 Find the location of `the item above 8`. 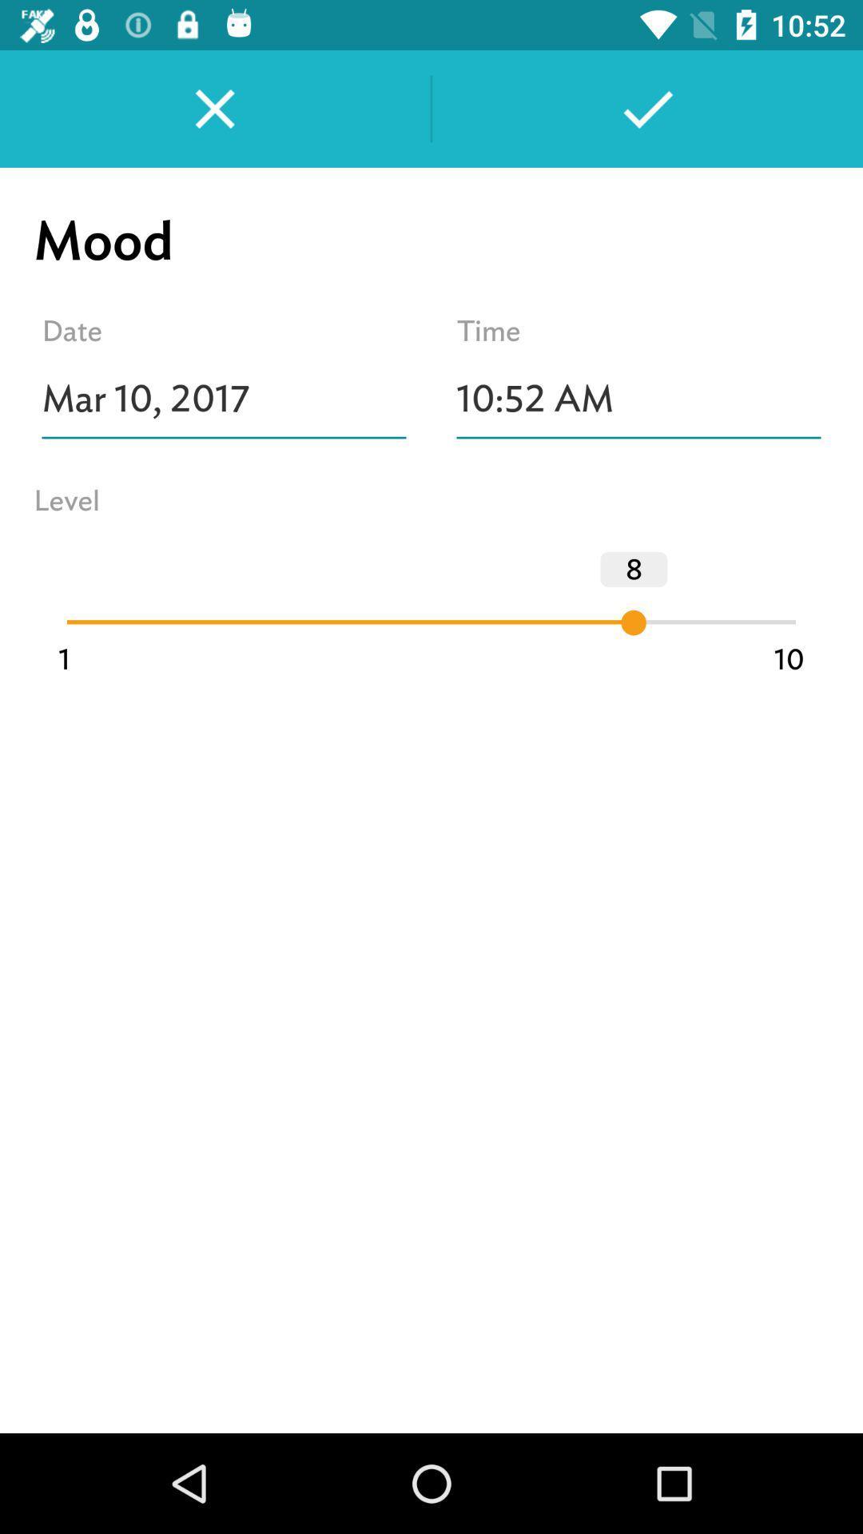

the item above 8 is located at coordinates (638, 399).